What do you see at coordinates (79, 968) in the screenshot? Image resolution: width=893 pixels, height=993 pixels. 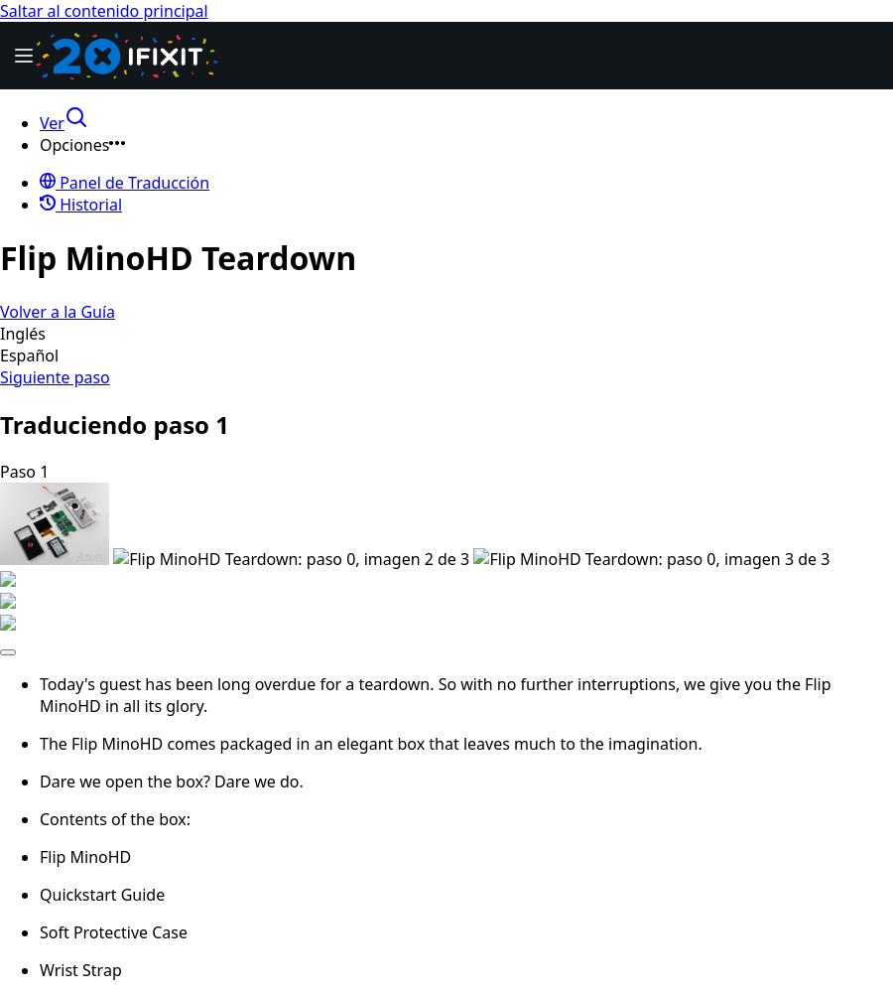 I see `'Wrist Strap'` at bounding box center [79, 968].